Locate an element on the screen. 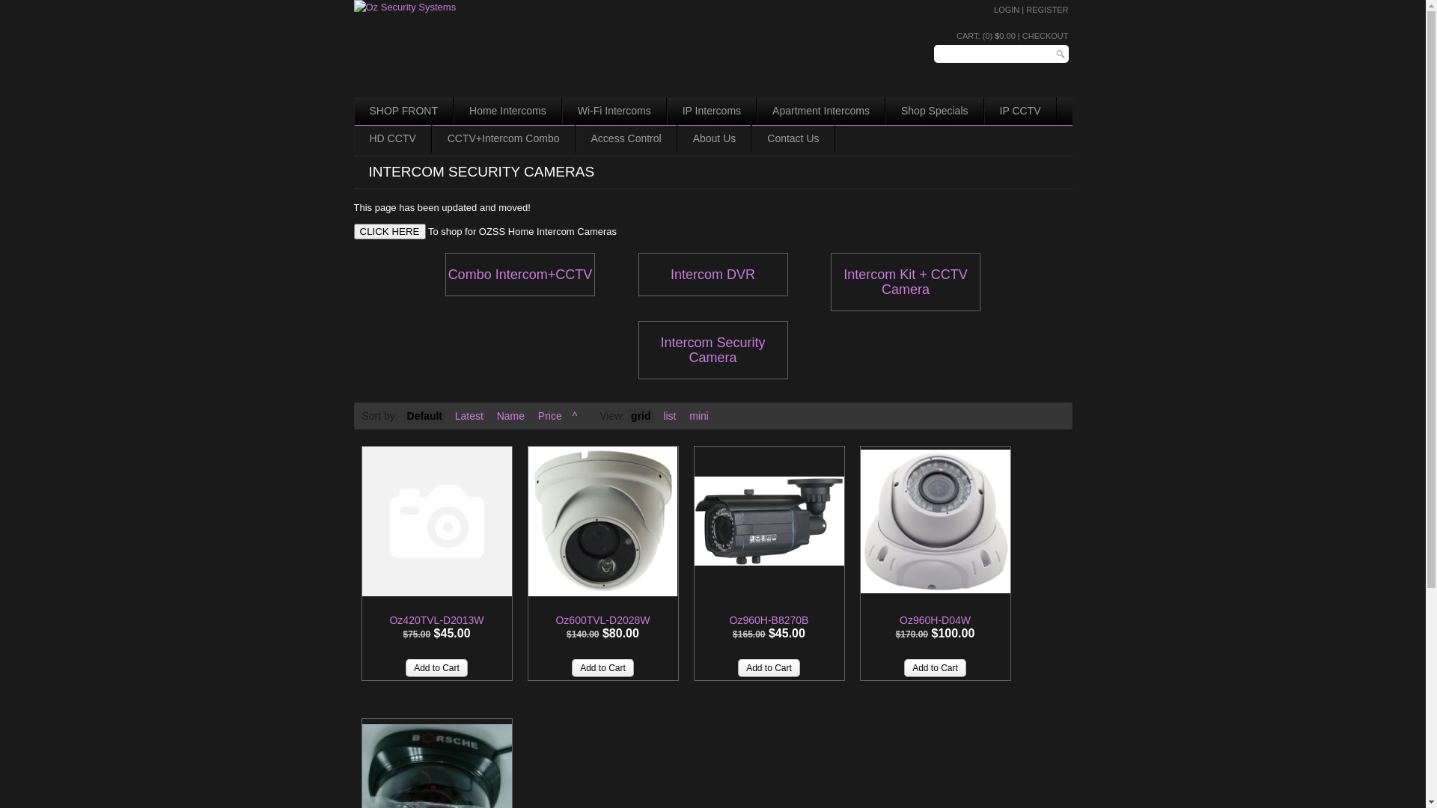 The image size is (1437, 808). 'Add to Cart' is located at coordinates (602, 667).